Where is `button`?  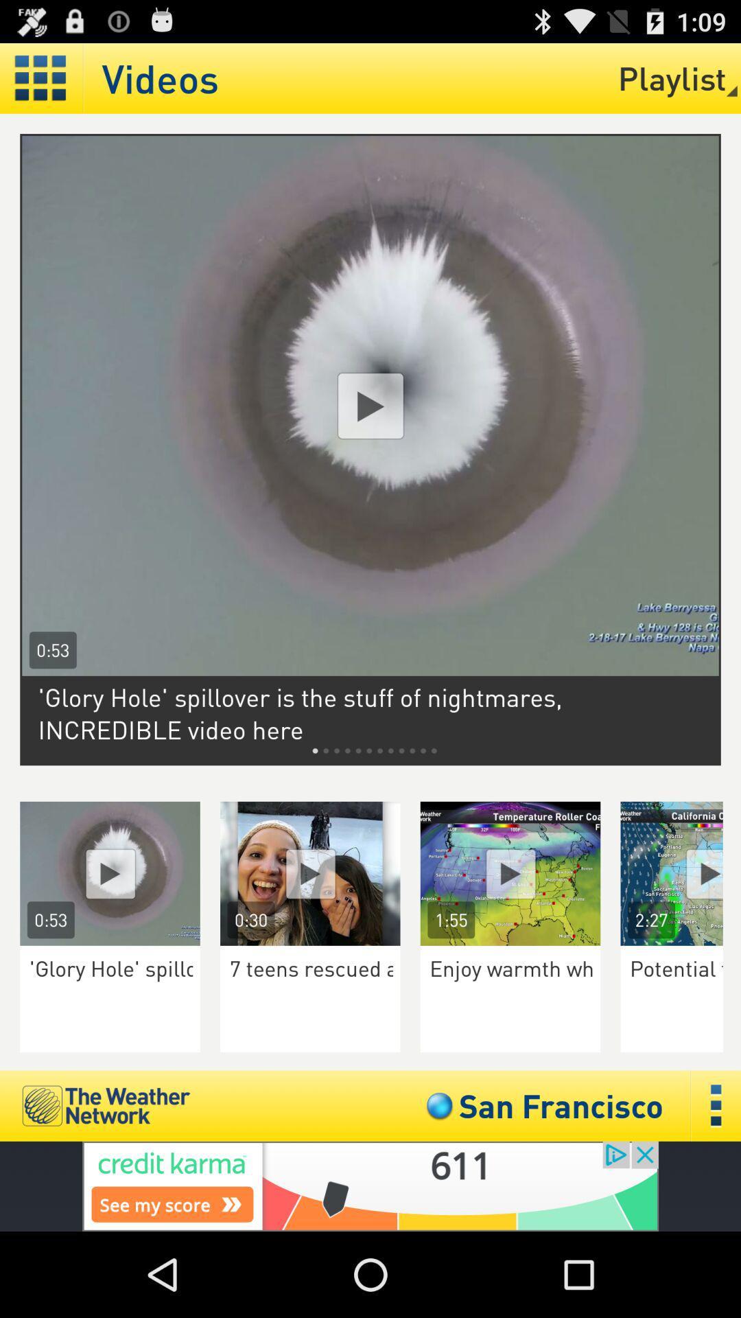
button is located at coordinates (681, 872).